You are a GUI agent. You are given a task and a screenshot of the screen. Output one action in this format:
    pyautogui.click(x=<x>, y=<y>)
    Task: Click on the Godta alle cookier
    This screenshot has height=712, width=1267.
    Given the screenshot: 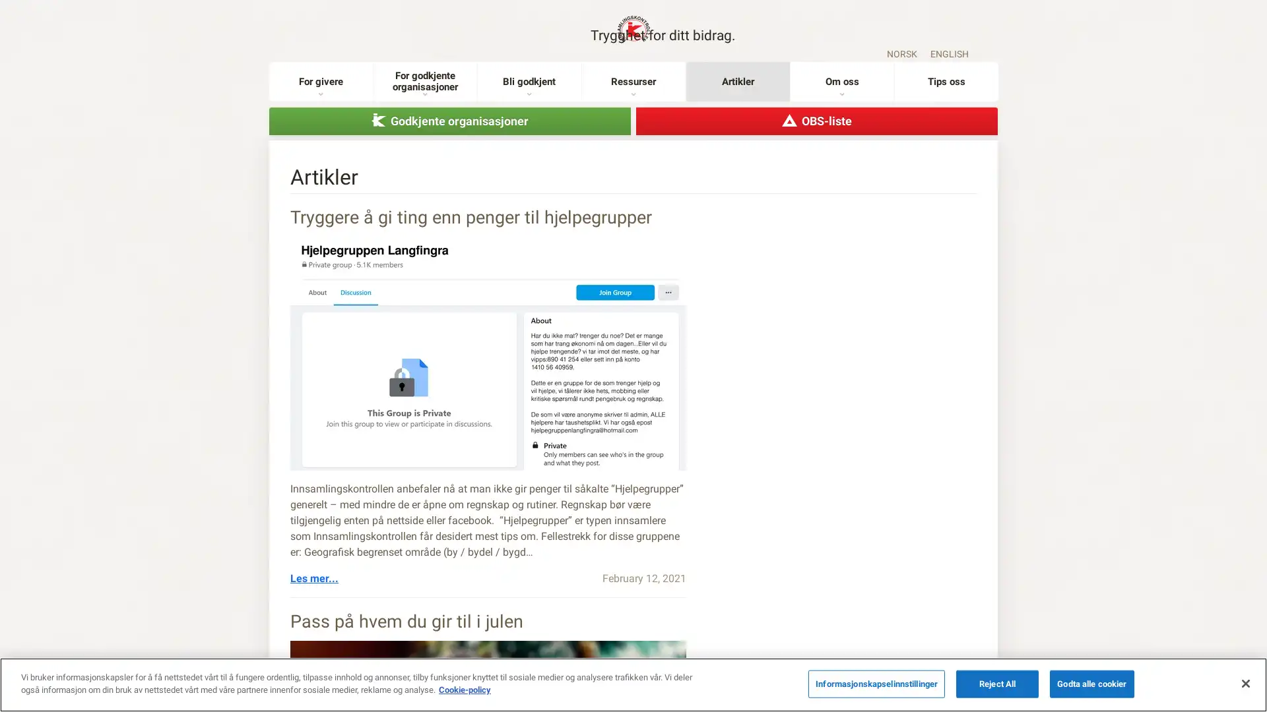 What is the action you would take?
    pyautogui.click(x=1091, y=683)
    